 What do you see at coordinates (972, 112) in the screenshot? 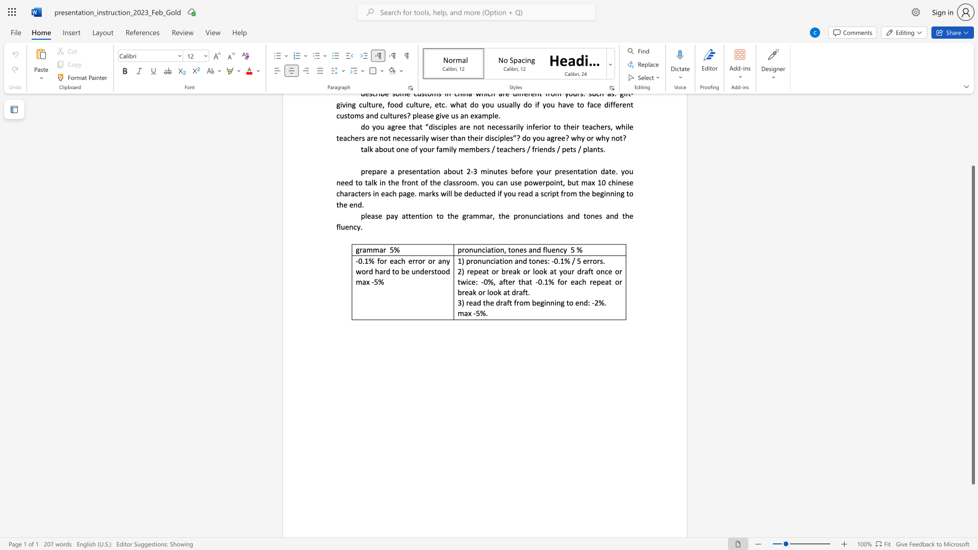
I see `the scrollbar to move the page upward` at bounding box center [972, 112].